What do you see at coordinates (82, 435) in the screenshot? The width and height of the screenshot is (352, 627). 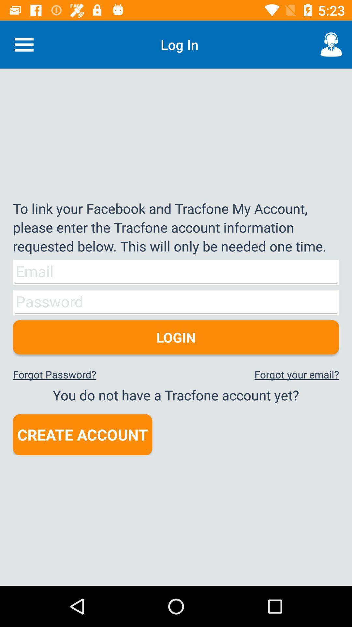 I see `item below you do not icon` at bounding box center [82, 435].